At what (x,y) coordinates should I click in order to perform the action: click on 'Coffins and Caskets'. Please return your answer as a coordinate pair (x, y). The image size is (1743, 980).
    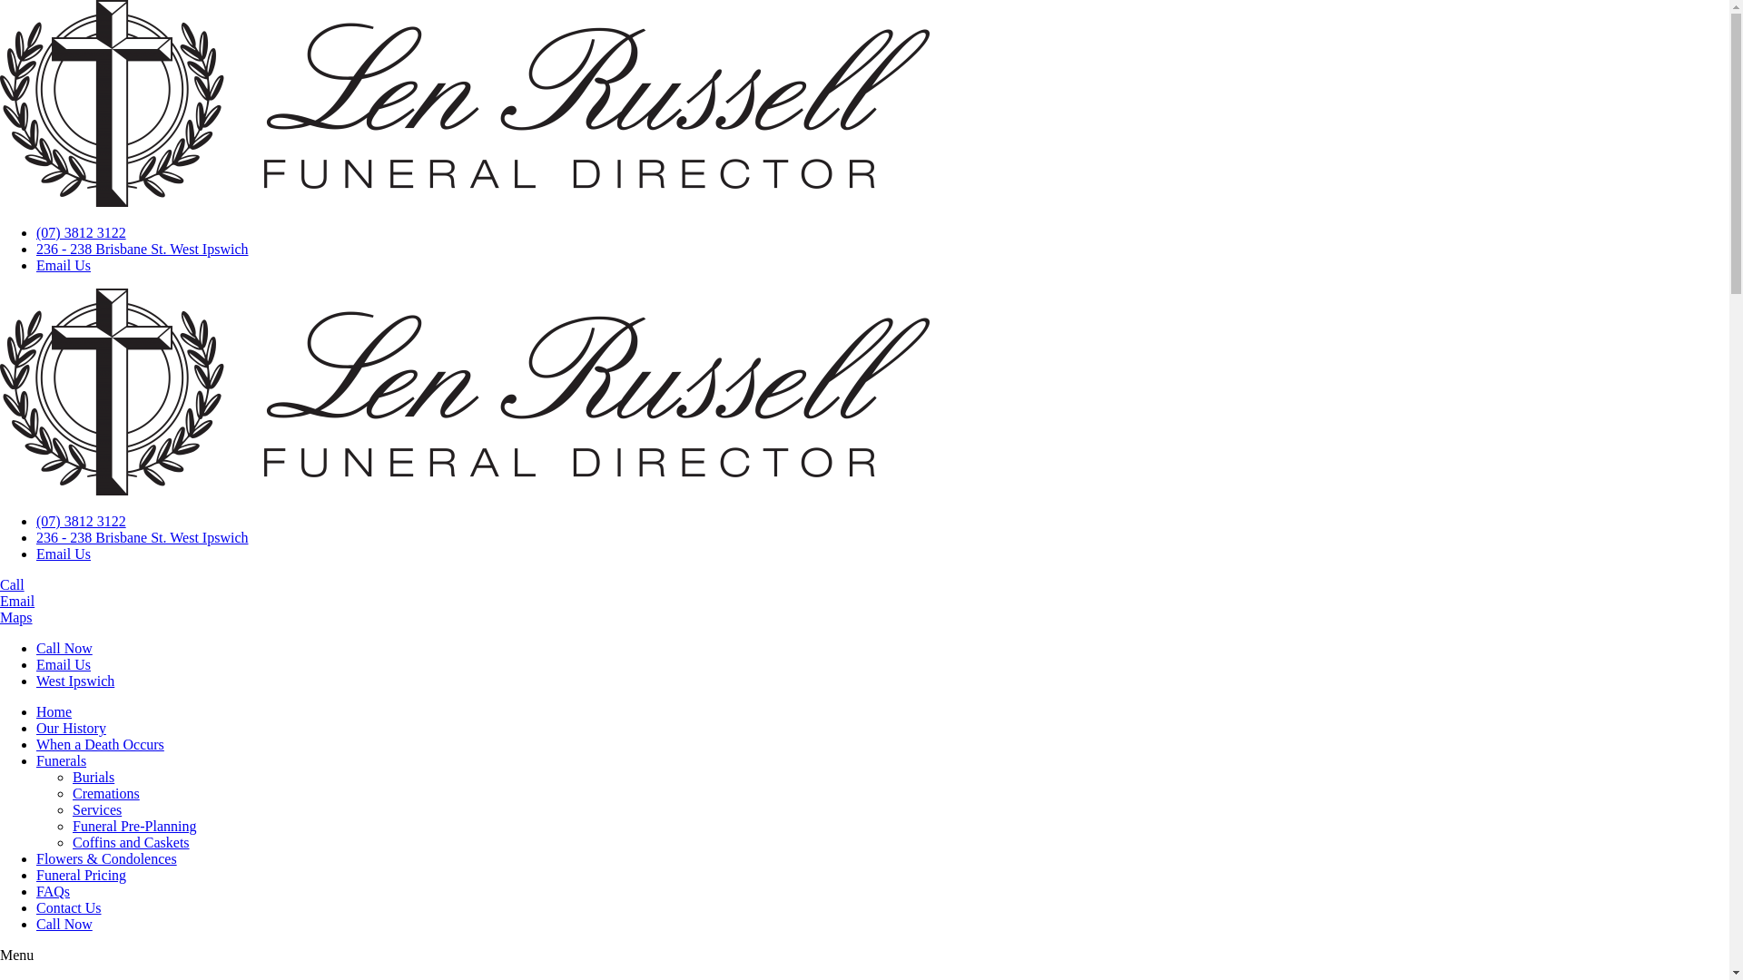
    Looking at the image, I should click on (73, 842).